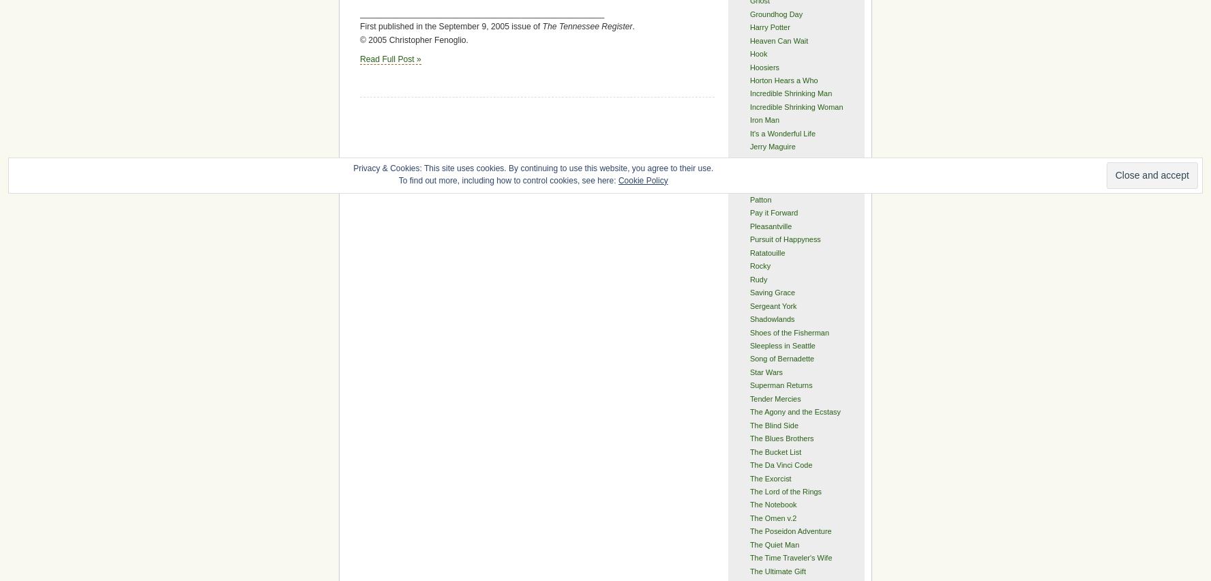 The width and height of the screenshot is (1211, 581). I want to click on 'The Poseidon Adventure', so click(748, 531).